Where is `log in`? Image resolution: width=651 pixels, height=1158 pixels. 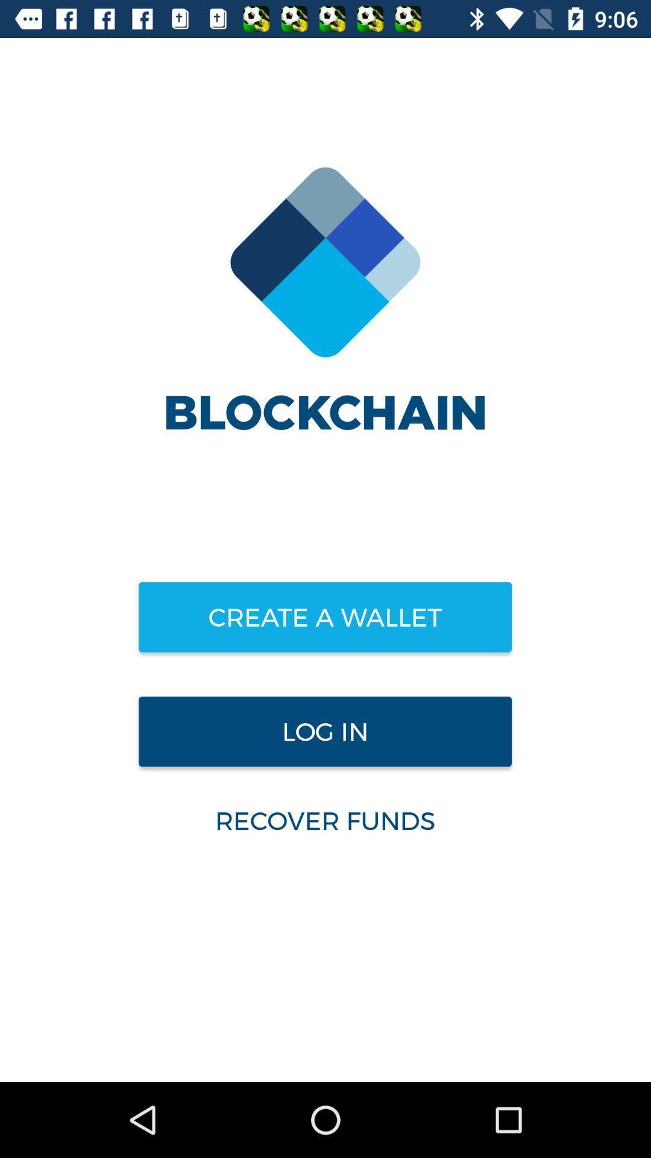 log in is located at coordinates (324, 731).